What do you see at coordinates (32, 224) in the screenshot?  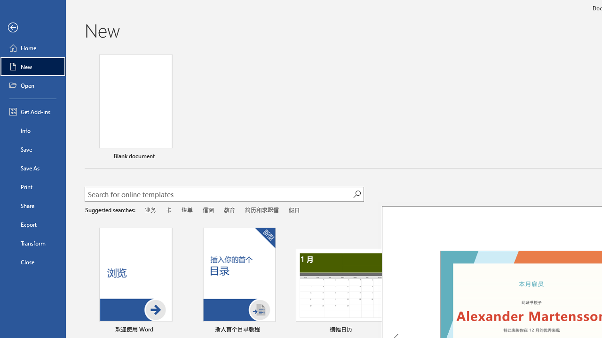 I see `'Export'` at bounding box center [32, 224].